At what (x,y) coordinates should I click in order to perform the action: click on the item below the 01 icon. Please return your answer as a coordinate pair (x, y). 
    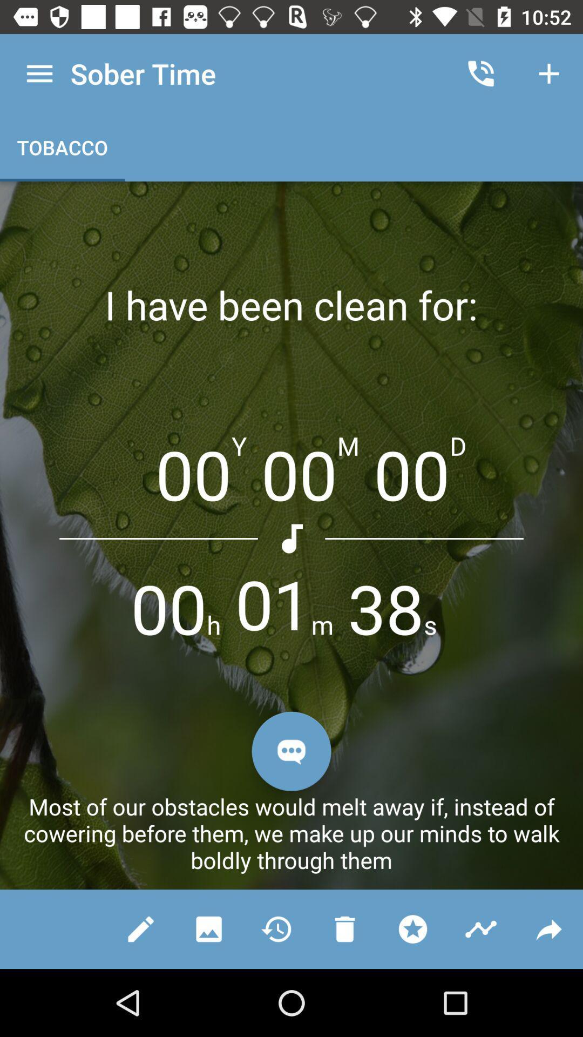
    Looking at the image, I should click on (291, 751).